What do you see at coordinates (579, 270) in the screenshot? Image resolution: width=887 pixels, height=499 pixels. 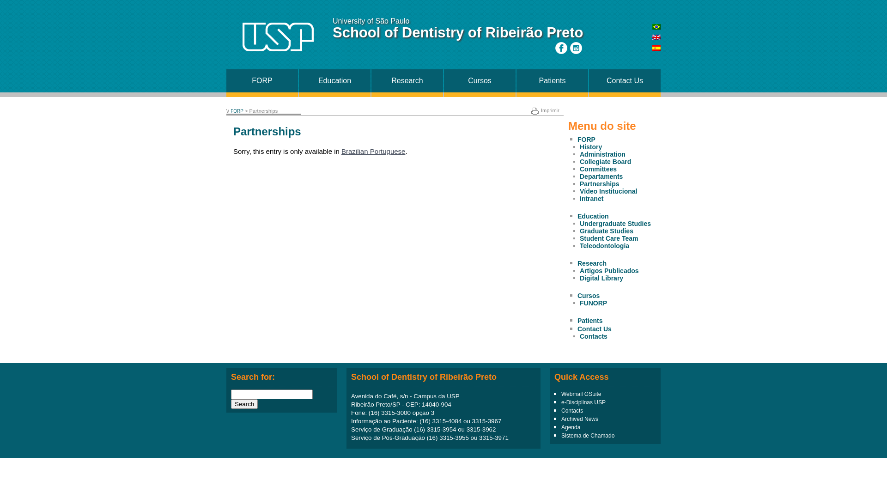 I see `'Artigos Publicados'` at bounding box center [579, 270].